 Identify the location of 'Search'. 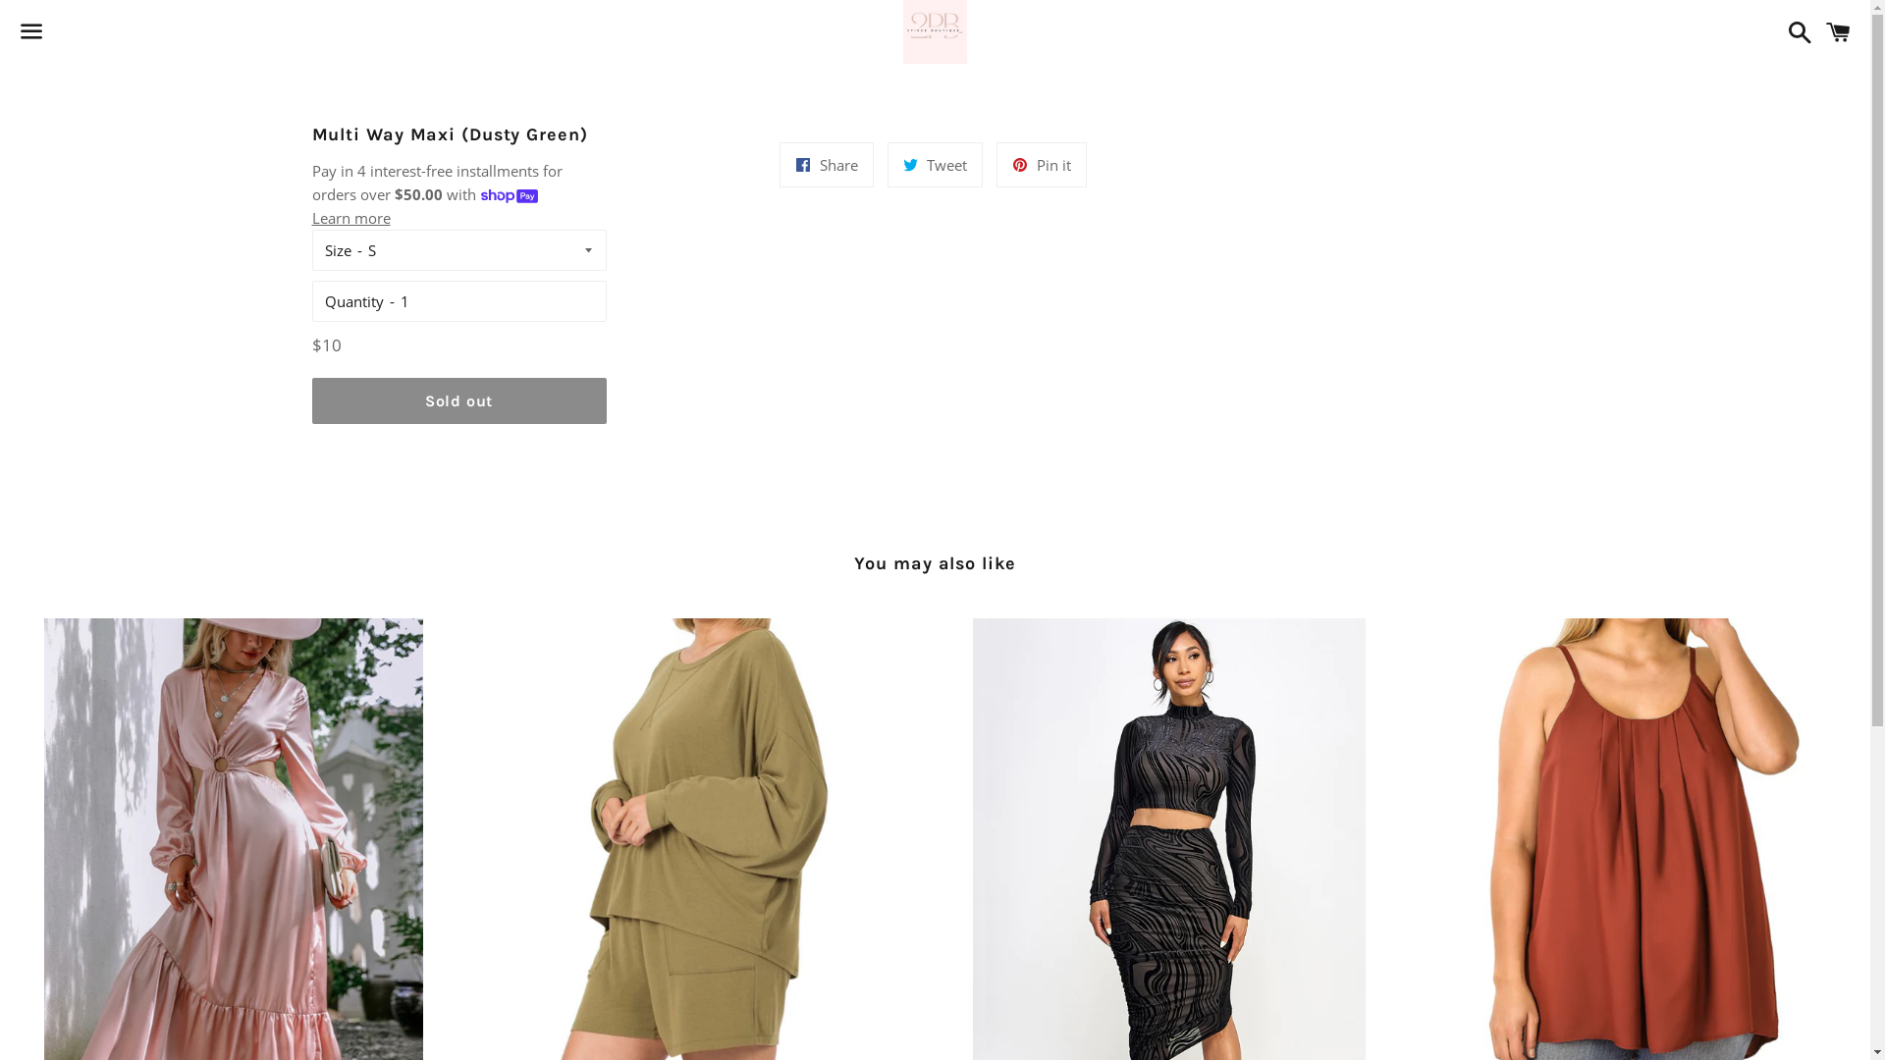
(1795, 30).